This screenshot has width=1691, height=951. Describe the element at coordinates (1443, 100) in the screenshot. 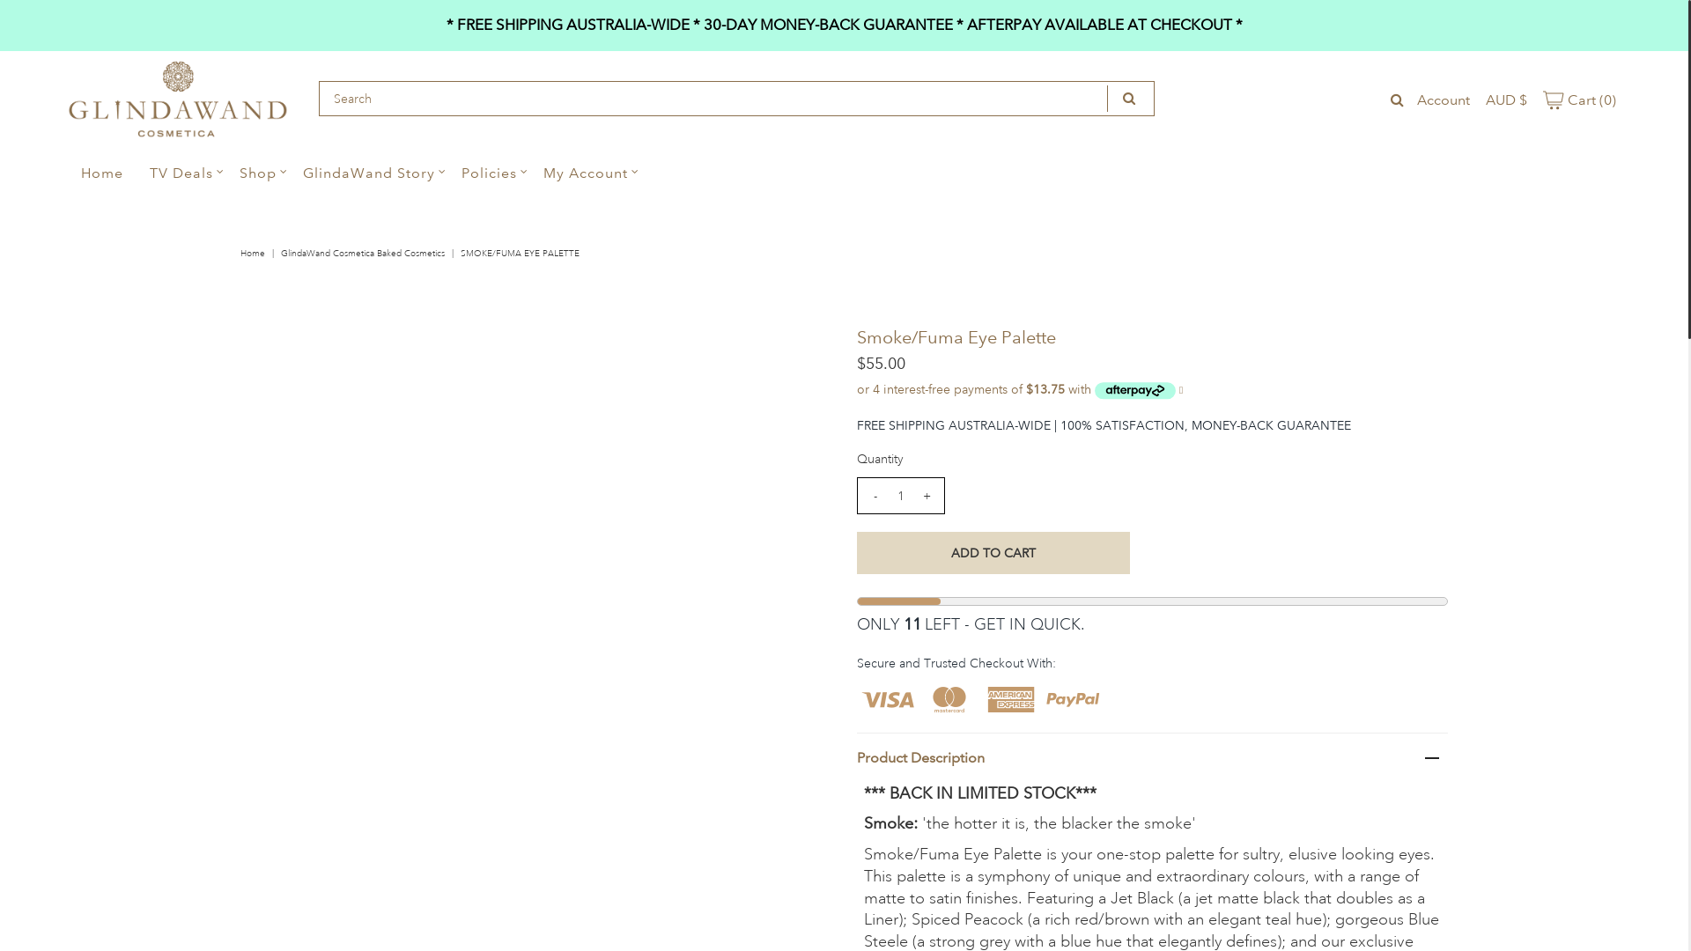

I see `'Account'` at that location.